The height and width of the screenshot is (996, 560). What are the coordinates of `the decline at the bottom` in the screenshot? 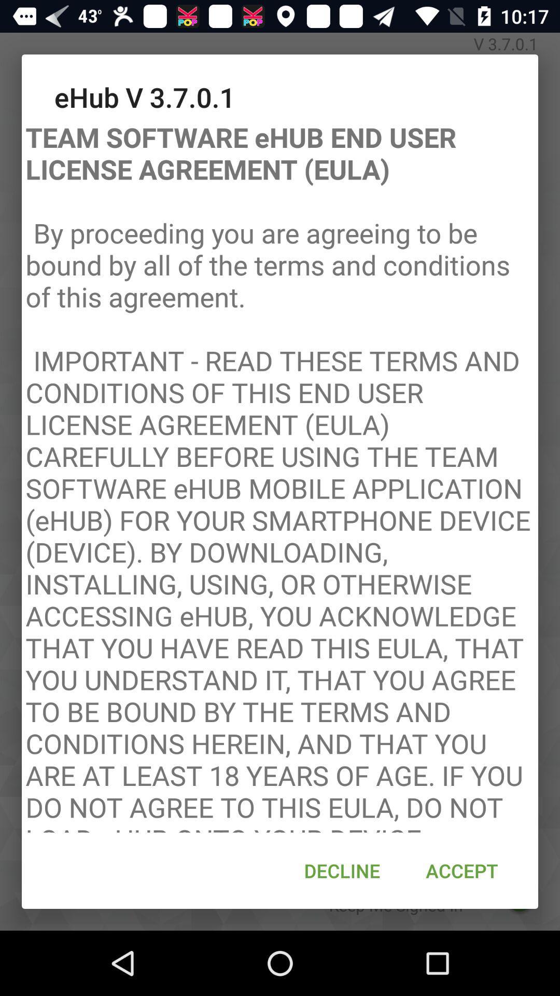 It's located at (342, 870).